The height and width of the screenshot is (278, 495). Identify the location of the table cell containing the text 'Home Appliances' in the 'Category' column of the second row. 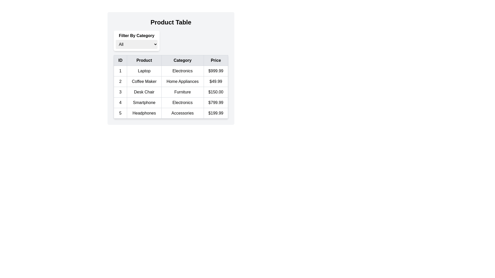
(183, 81).